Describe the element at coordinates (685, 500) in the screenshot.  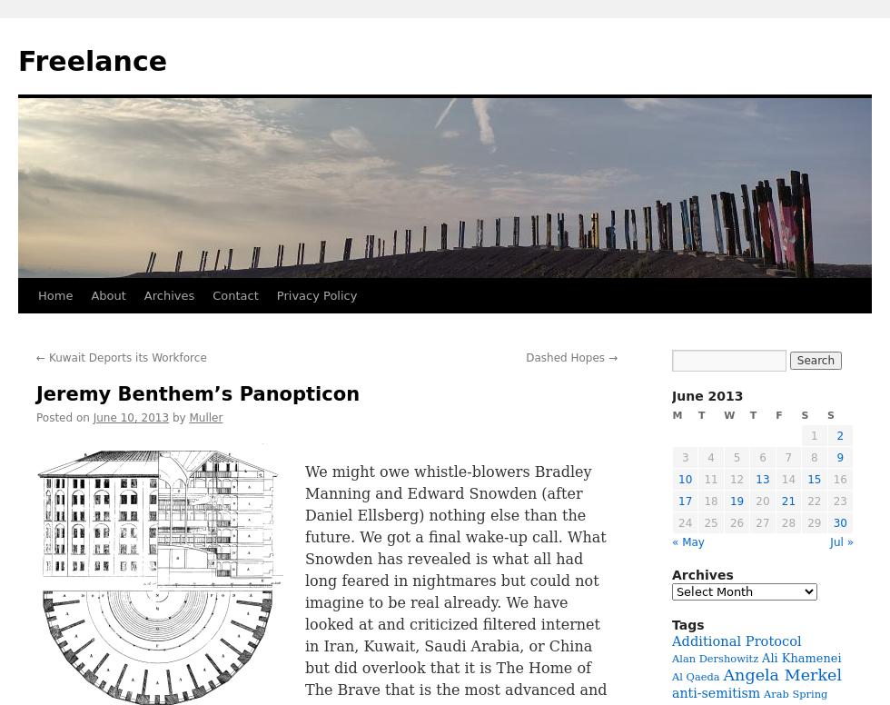
I see `'17'` at that location.